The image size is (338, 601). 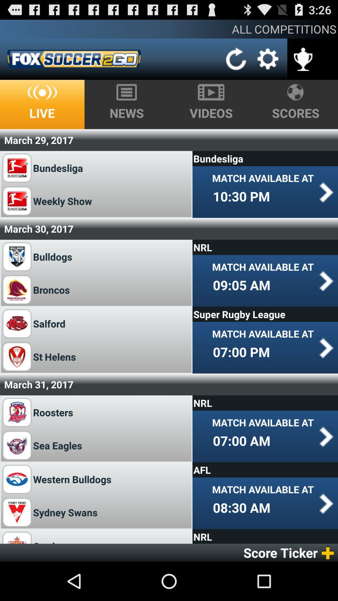 I want to click on the sea eagles   item, so click(x=60, y=445).